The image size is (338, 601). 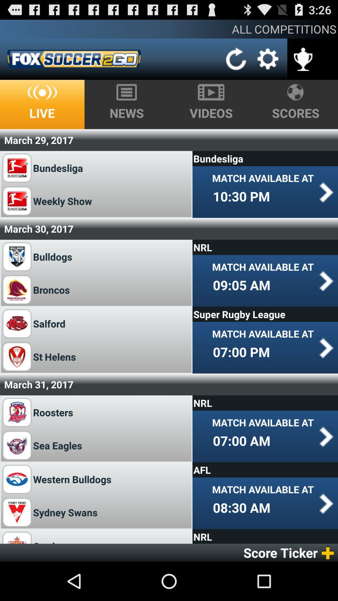 I want to click on the sea eagles   item, so click(x=60, y=445).